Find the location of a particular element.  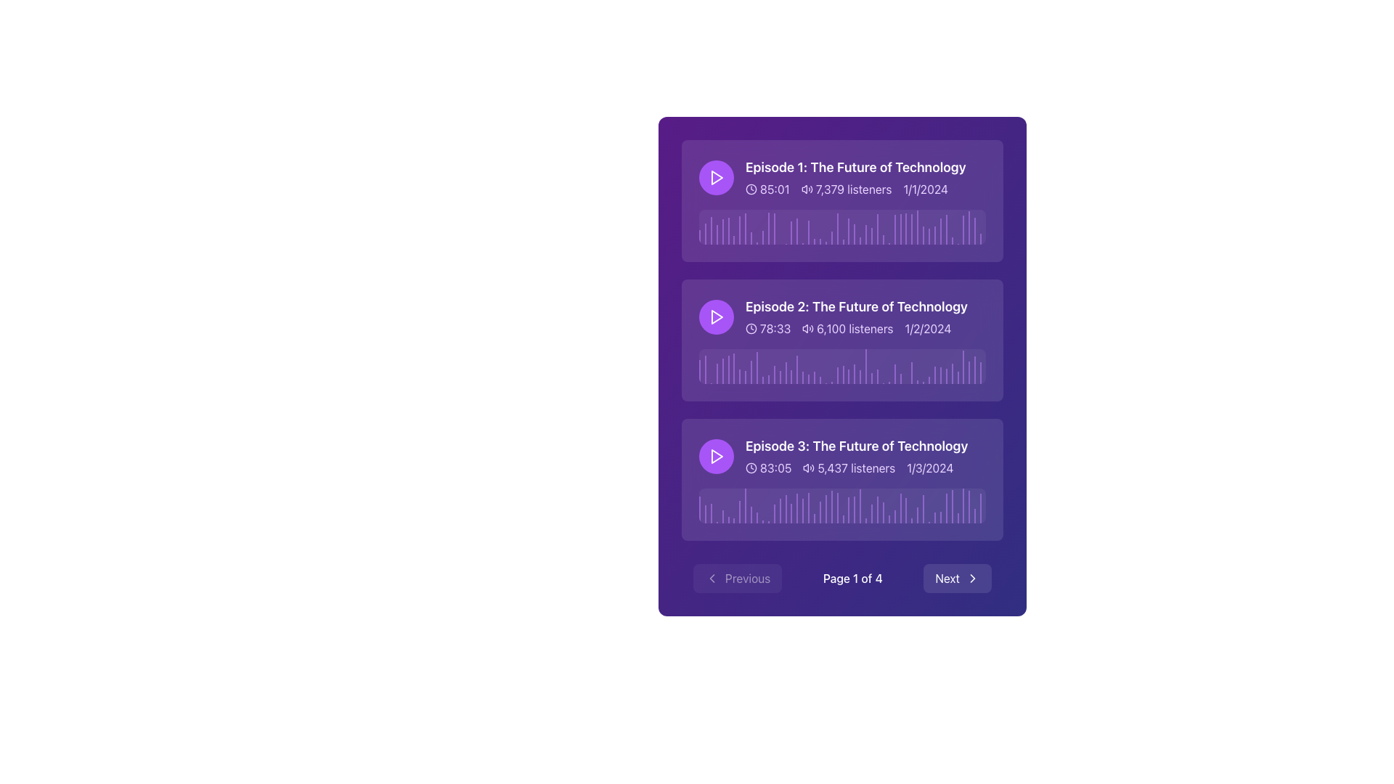

the duration label displaying '78:33' with the clock icon is located at coordinates (767, 328).